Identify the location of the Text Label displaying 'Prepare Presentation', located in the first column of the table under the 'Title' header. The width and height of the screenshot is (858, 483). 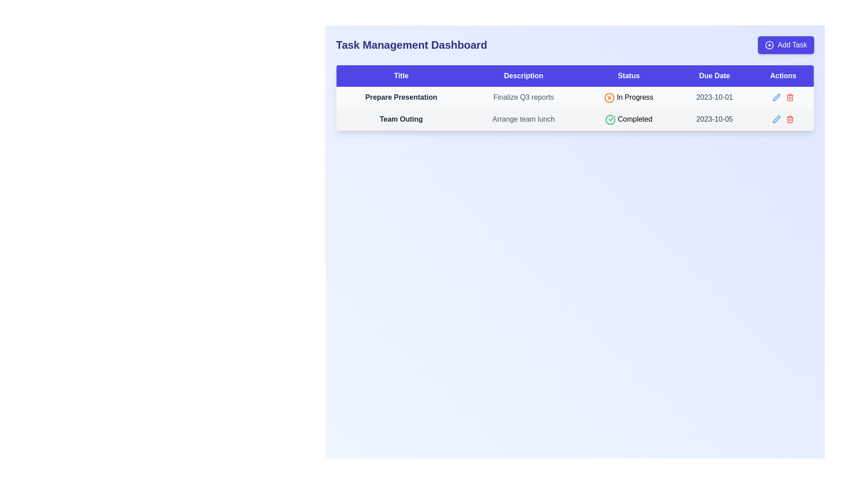
(400, 97).